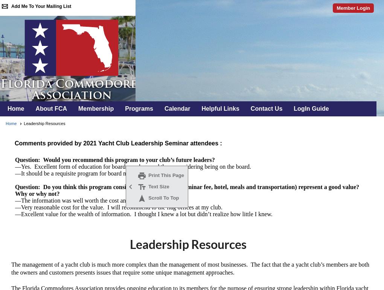 The height and width of the screenshot is (290, 384). I want to click on 'Home', so click(11, 123).